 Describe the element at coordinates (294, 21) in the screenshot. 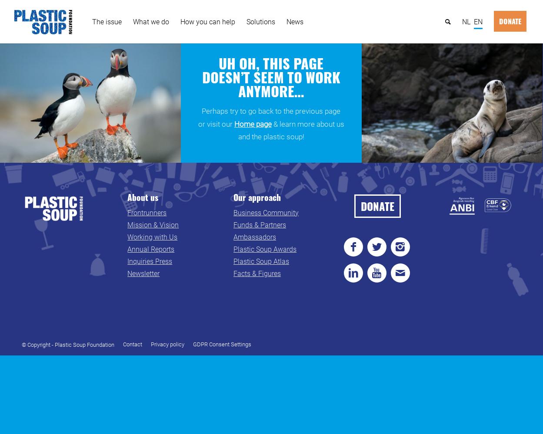

I see `'News'` at that location.